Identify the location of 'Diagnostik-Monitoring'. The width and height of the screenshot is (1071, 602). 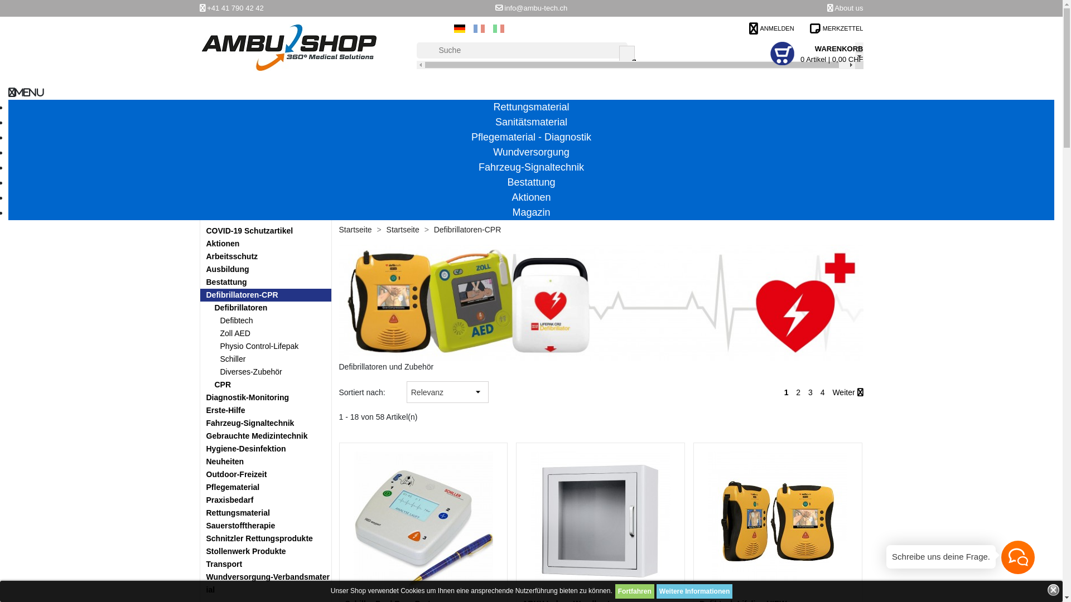
(264, 397).